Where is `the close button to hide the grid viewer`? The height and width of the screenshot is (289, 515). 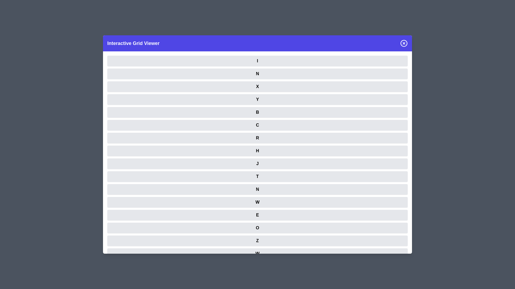 the close button to hide the grid viewer is located at coordinates (404, 43).